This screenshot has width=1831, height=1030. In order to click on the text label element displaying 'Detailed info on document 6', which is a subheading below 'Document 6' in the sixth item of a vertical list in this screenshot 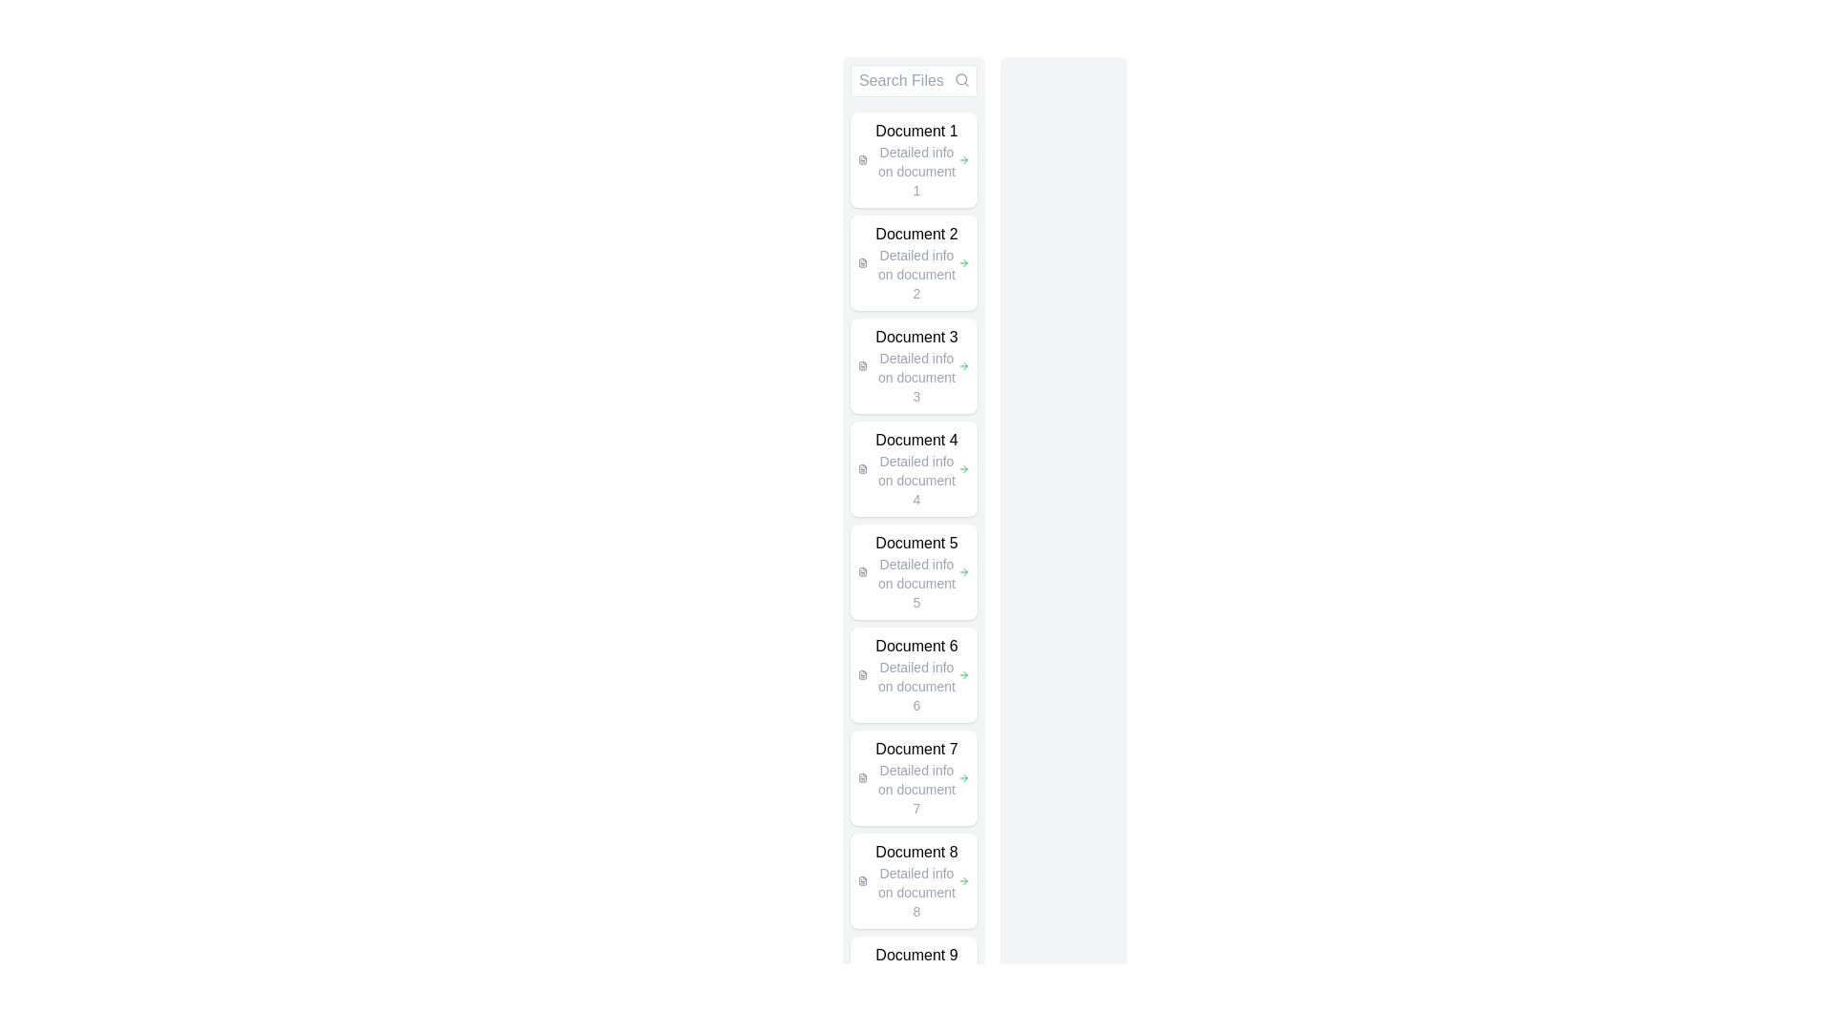, I will do `click(916, 687)`.